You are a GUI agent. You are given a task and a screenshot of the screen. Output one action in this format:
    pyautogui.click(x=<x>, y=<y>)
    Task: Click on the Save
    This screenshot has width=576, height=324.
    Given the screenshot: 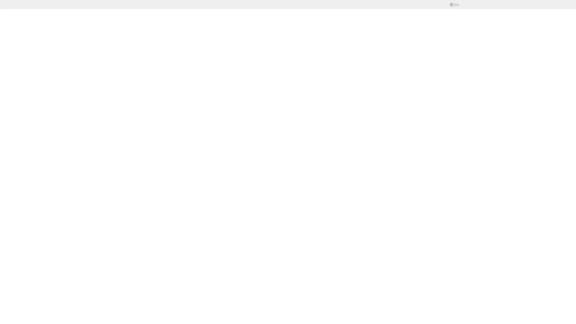 What is the action you would take?
    pyautogui.click(x=372, y=71)
    